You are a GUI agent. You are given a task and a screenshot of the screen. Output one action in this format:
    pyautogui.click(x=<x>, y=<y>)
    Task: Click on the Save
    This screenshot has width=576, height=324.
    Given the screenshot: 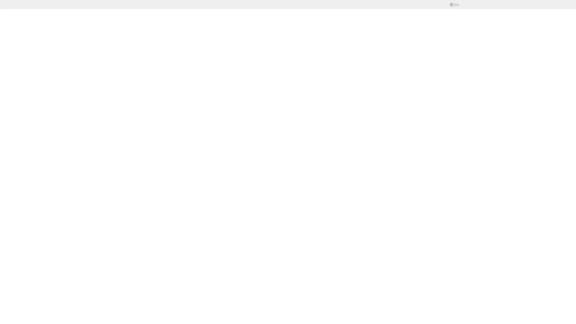 What is the action you would take?
    pyautogui.click(x=372, y=71)
    